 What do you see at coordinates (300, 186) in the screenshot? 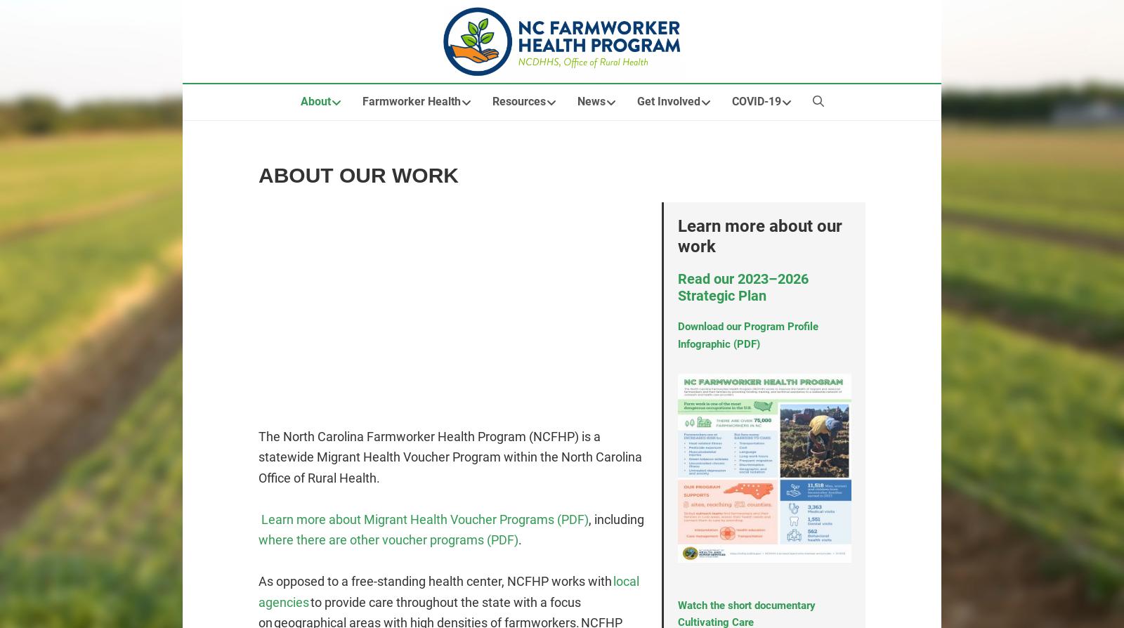
I see `'Our Work'` at bounding box center [300, 186].